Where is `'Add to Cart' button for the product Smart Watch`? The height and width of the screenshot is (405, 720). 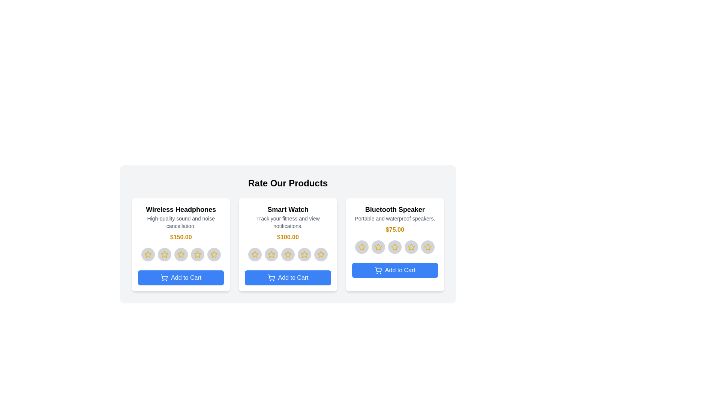 'Add to Cart' button for the product Smart Watch is located at coordinates (288, 277).